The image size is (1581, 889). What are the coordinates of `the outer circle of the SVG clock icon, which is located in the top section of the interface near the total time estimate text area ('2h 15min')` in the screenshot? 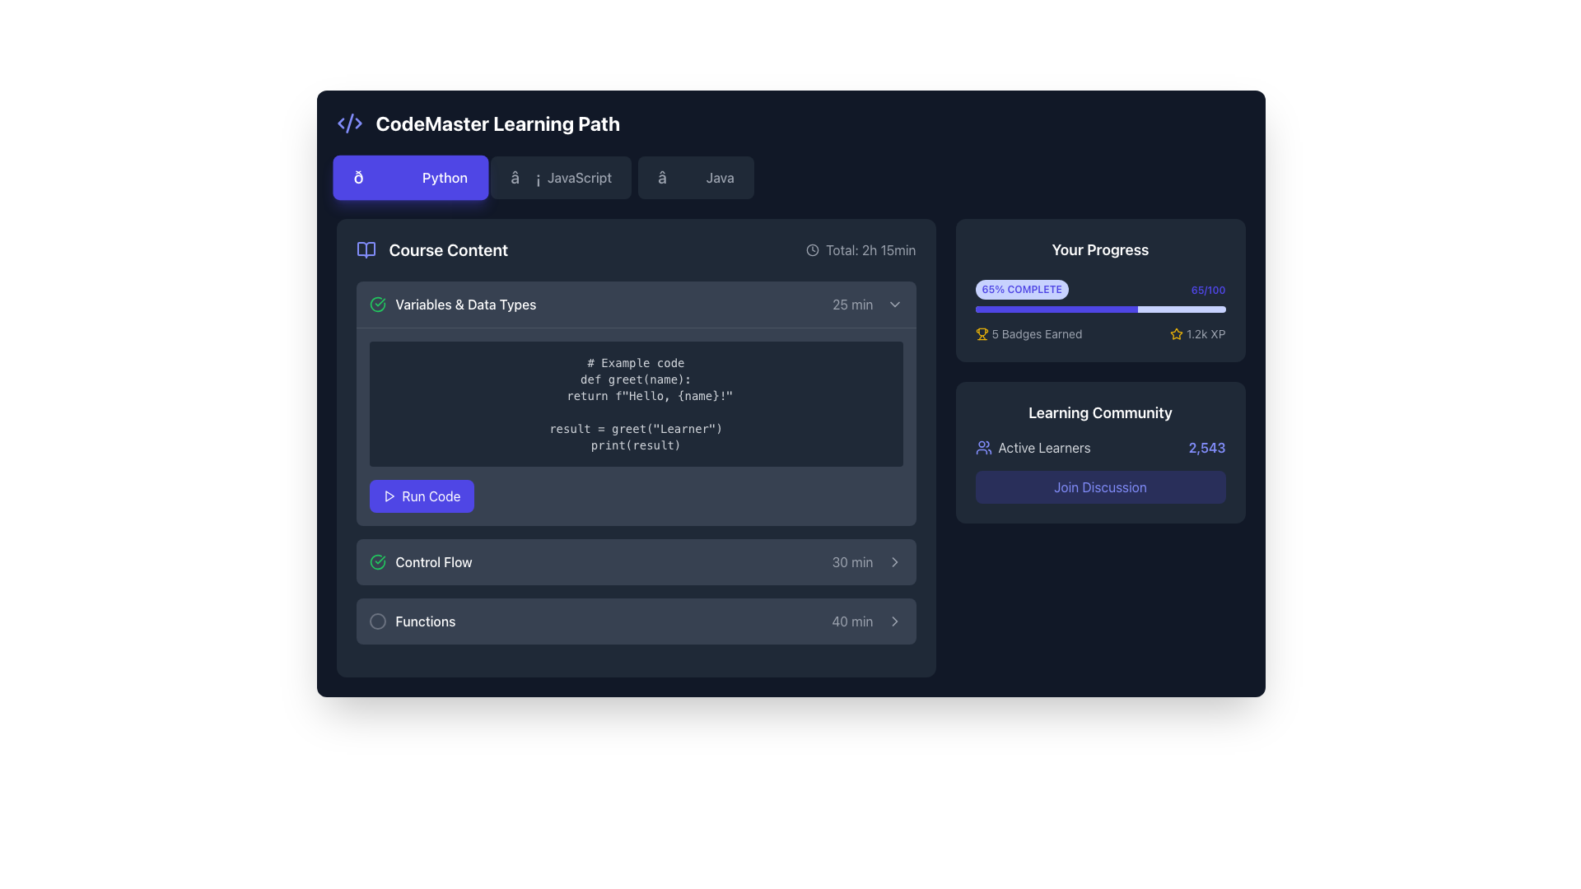 It's located at (813, 250).